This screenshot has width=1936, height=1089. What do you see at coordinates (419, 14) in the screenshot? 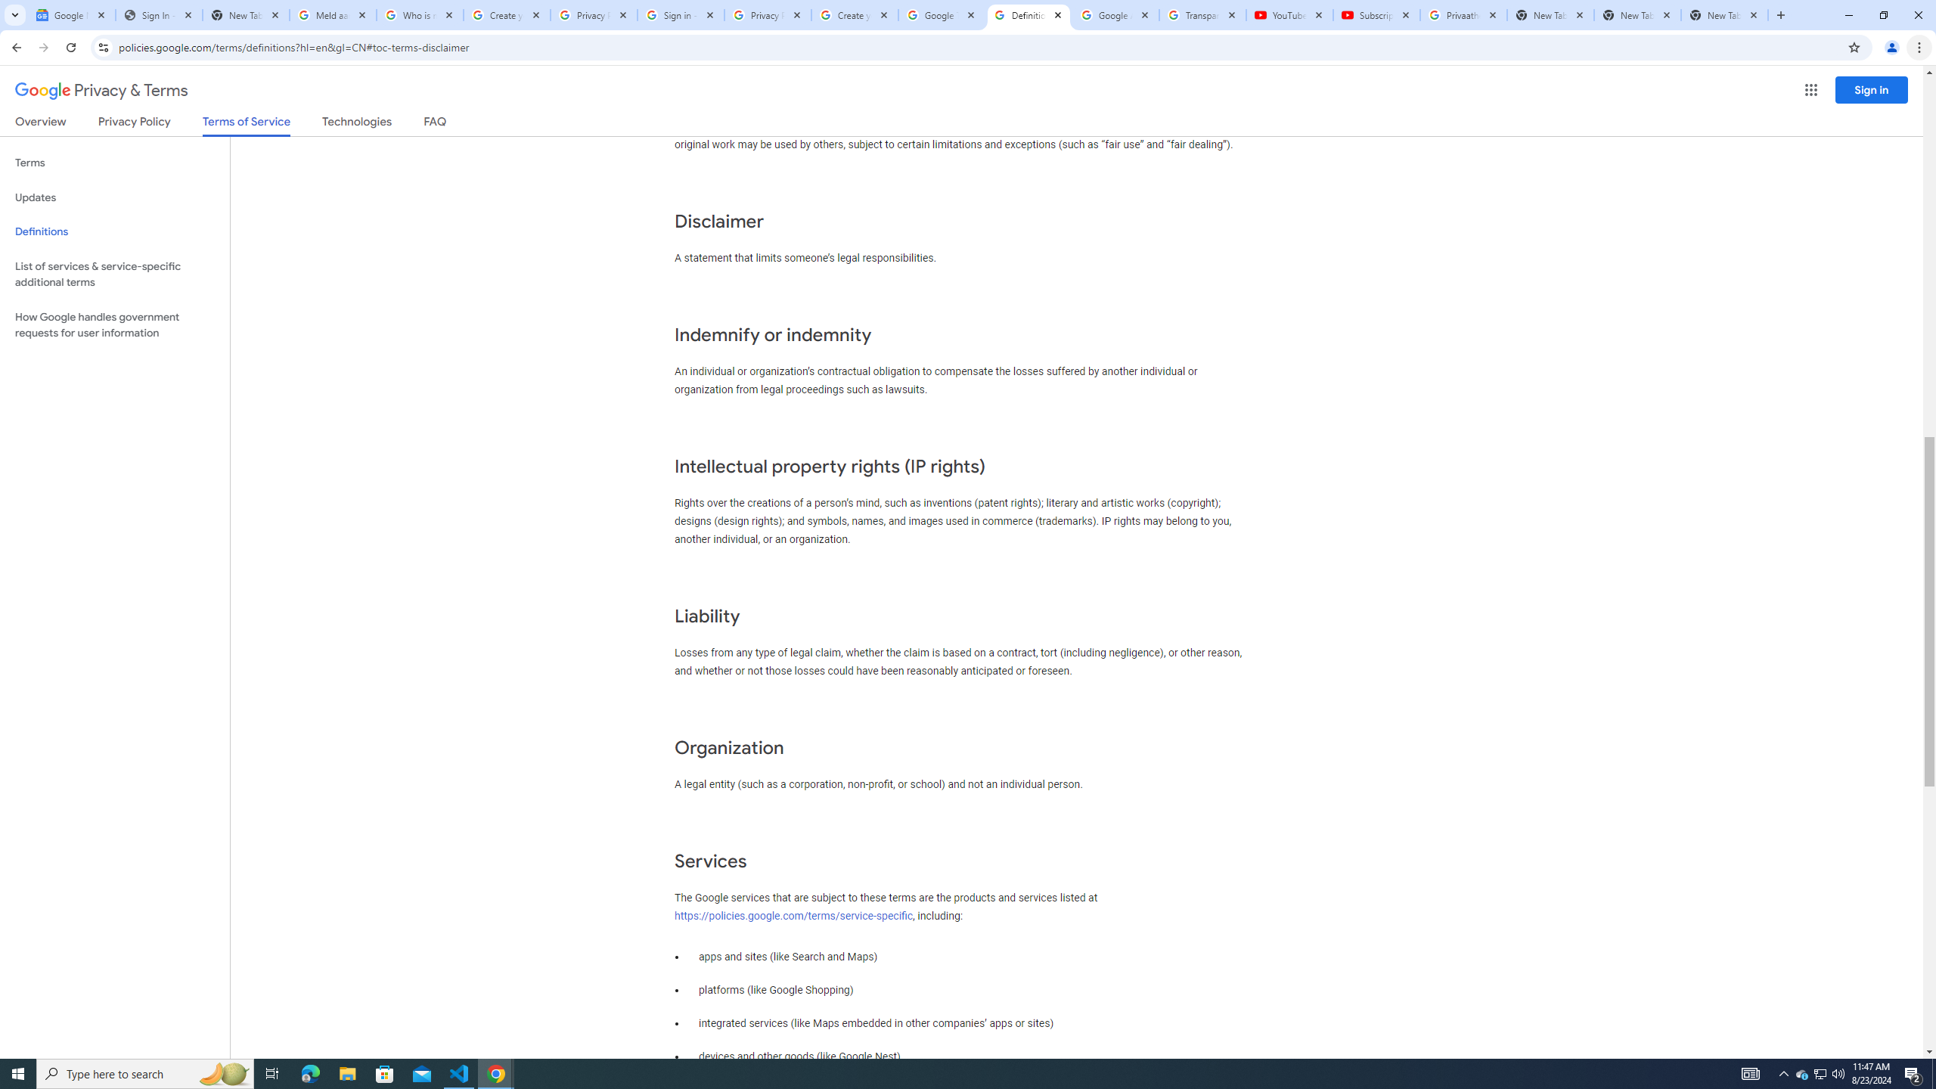
I see `'Who is my administrator? - Google Account Help'` at bounding box center [419, 14].